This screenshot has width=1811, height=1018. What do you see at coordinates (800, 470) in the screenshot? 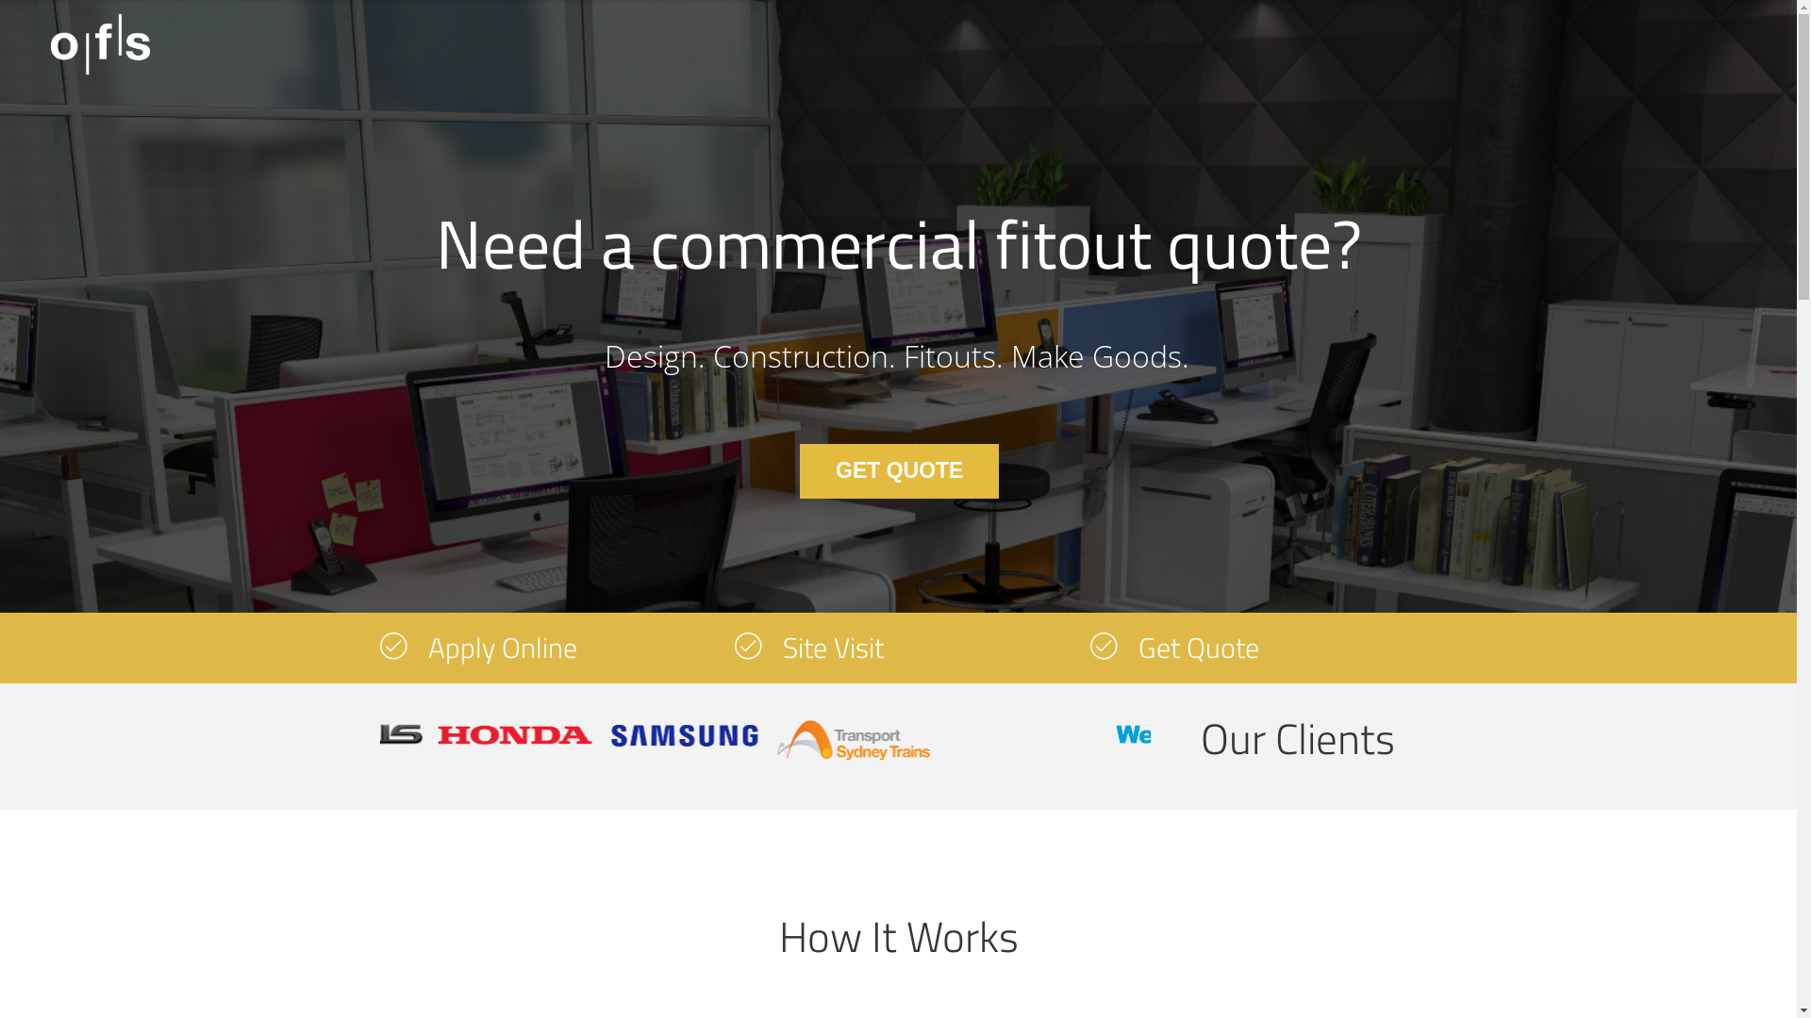
I see `'GET QUOTE'` at bounding box center [800, 470].